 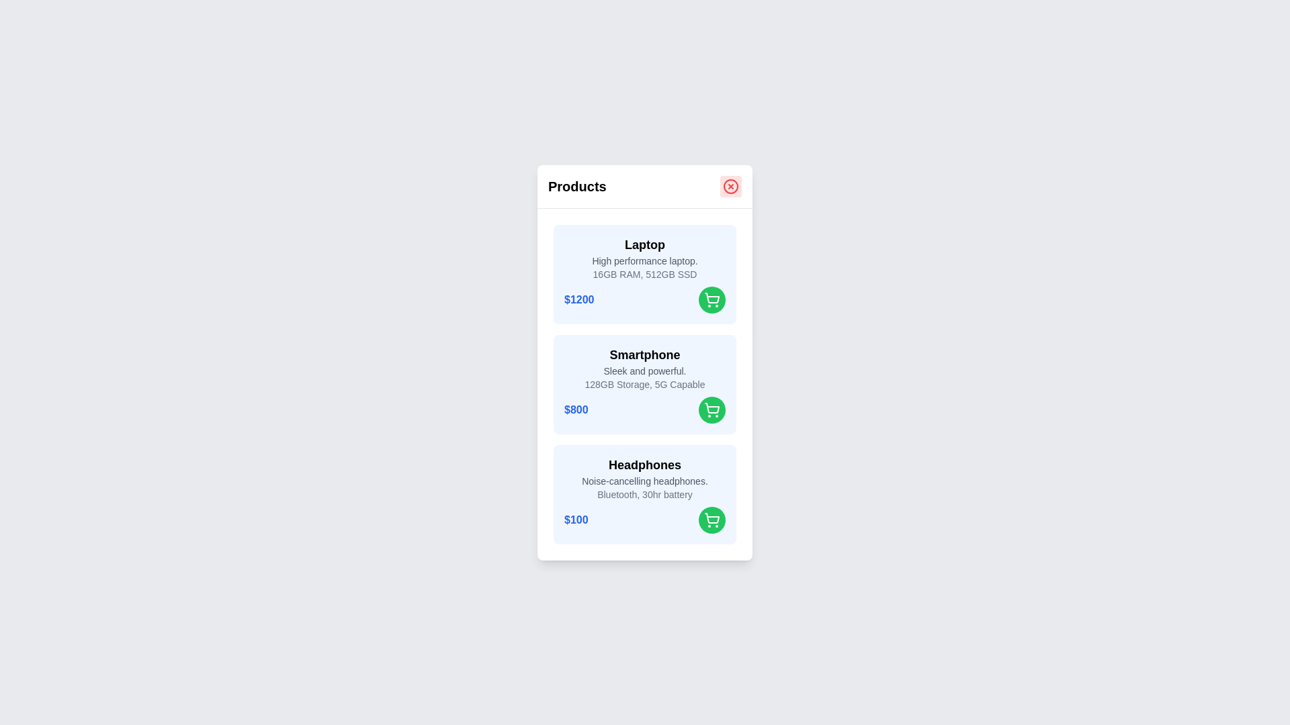 I want to click on the price of the product Laptop, so click(x=579, y=299).